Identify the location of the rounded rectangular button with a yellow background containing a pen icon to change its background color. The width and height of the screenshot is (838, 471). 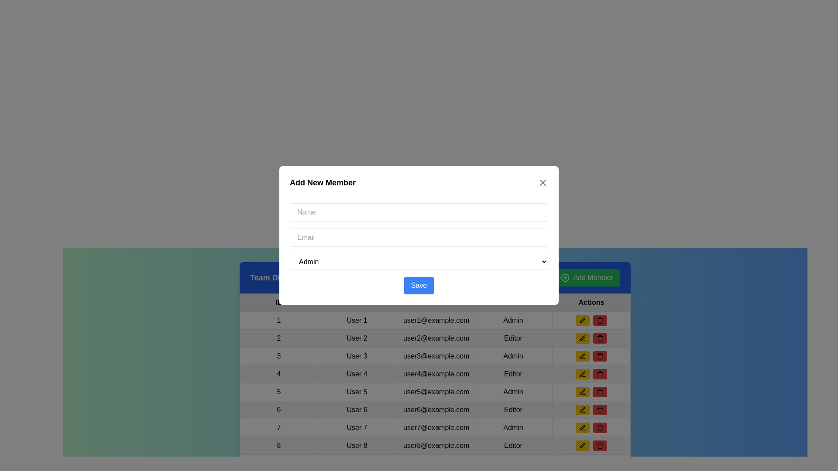
(582, 356).